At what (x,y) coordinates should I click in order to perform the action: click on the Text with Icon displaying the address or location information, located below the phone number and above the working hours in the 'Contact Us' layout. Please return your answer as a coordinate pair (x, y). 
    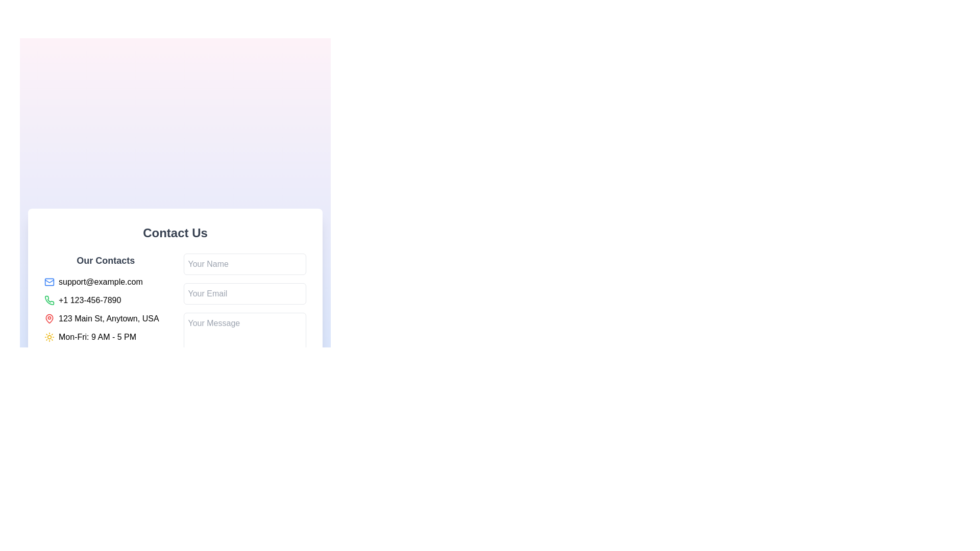
    Looking at the image, I should click on (106, 318).